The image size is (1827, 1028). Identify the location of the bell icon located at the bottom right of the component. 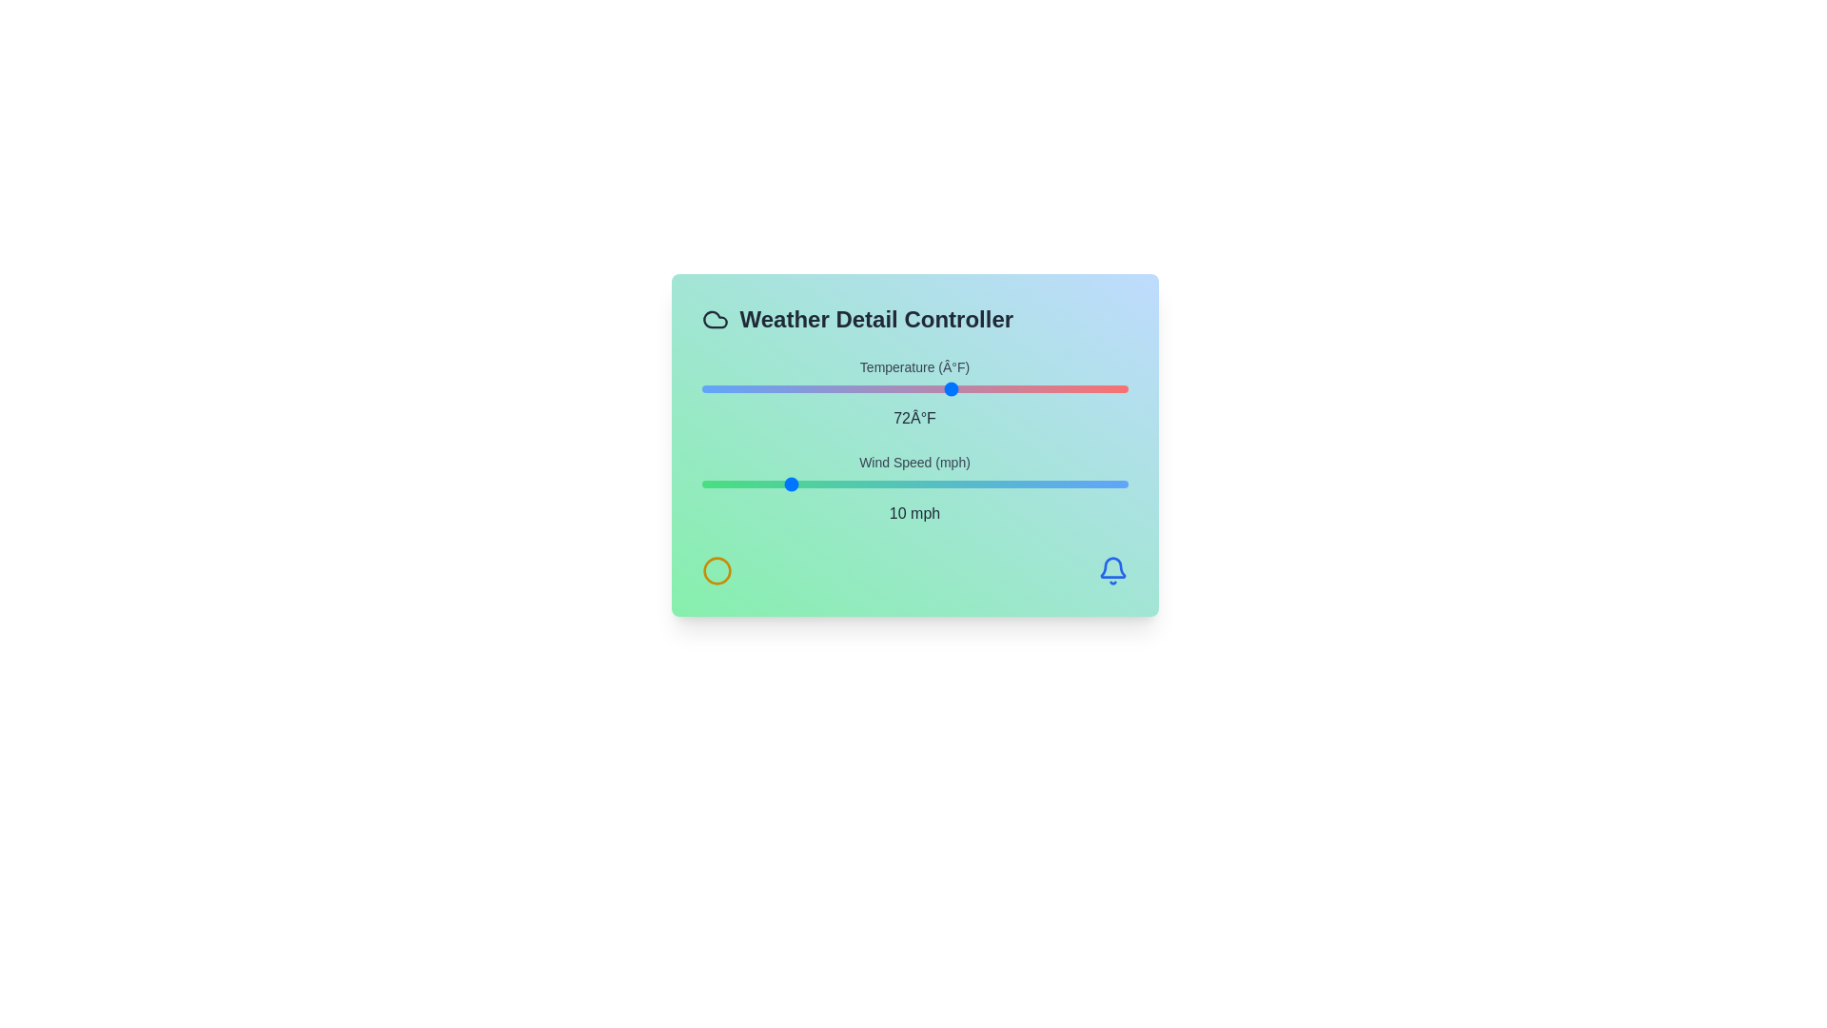
(1112, 570).